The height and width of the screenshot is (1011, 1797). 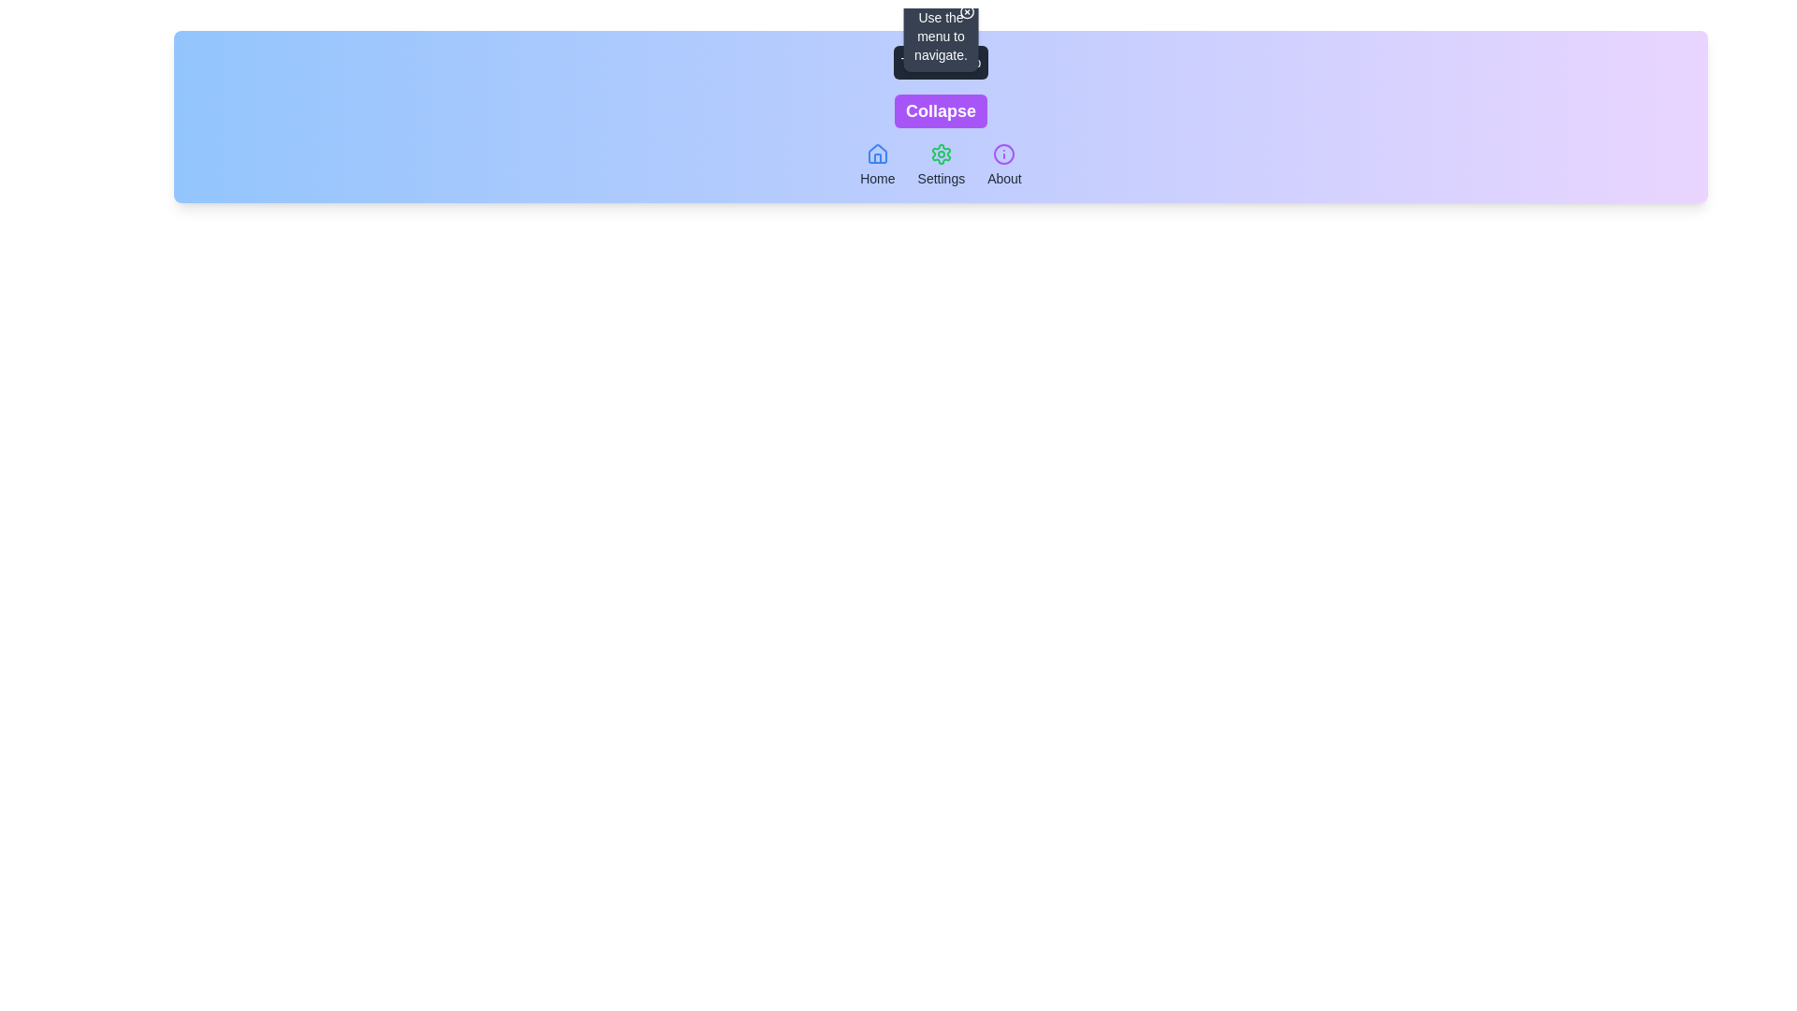 I want to click on the 'About' text label located beneath the information icon in the top navigation bar, which is the last item in a horizontal group of icons and labels, so click(x=1003, y=179).